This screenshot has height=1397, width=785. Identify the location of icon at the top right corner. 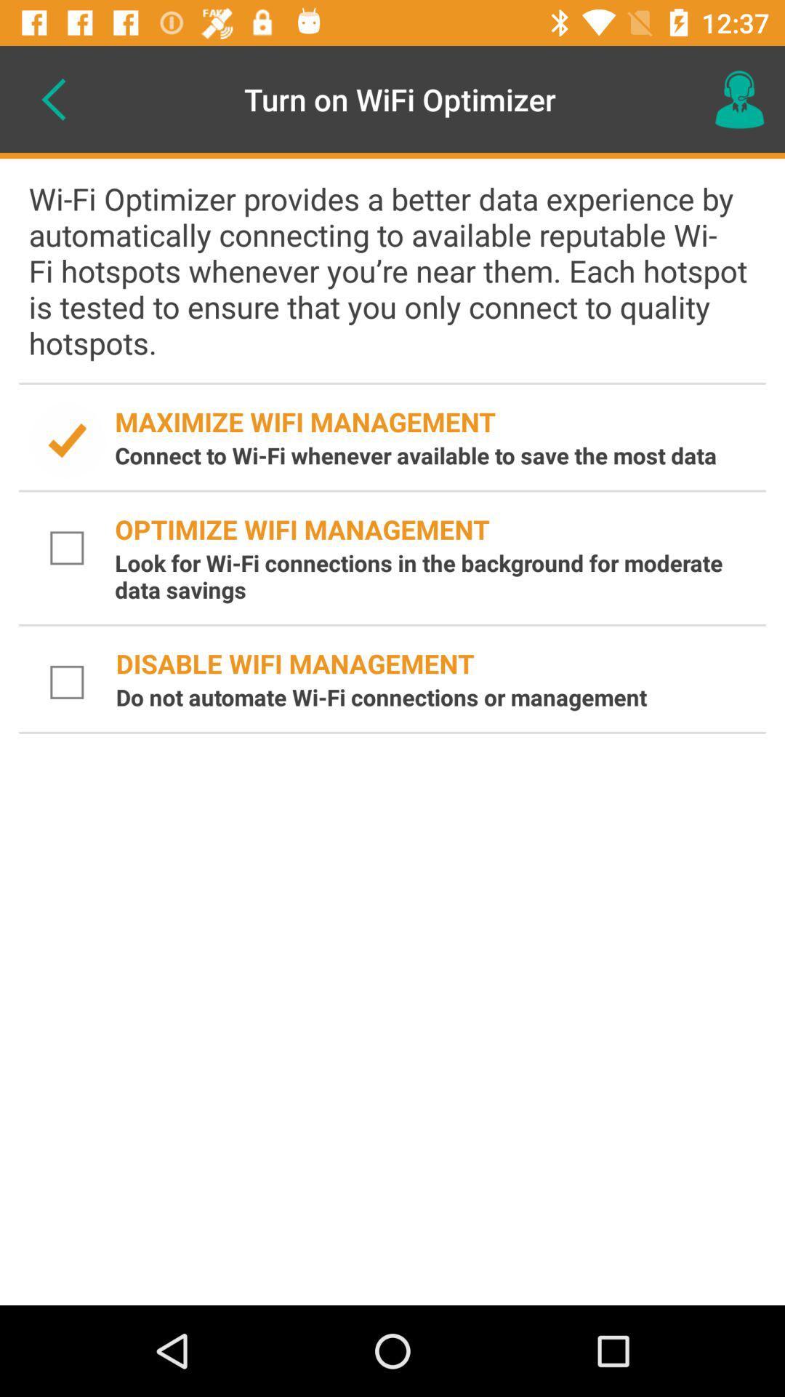
(739, 98).